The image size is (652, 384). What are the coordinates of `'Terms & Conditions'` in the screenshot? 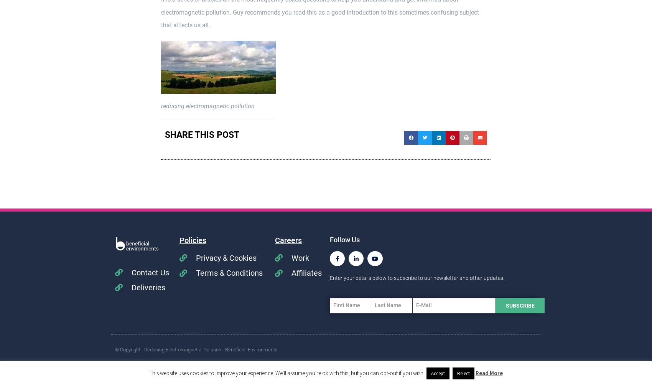 It's located at (229, 273).